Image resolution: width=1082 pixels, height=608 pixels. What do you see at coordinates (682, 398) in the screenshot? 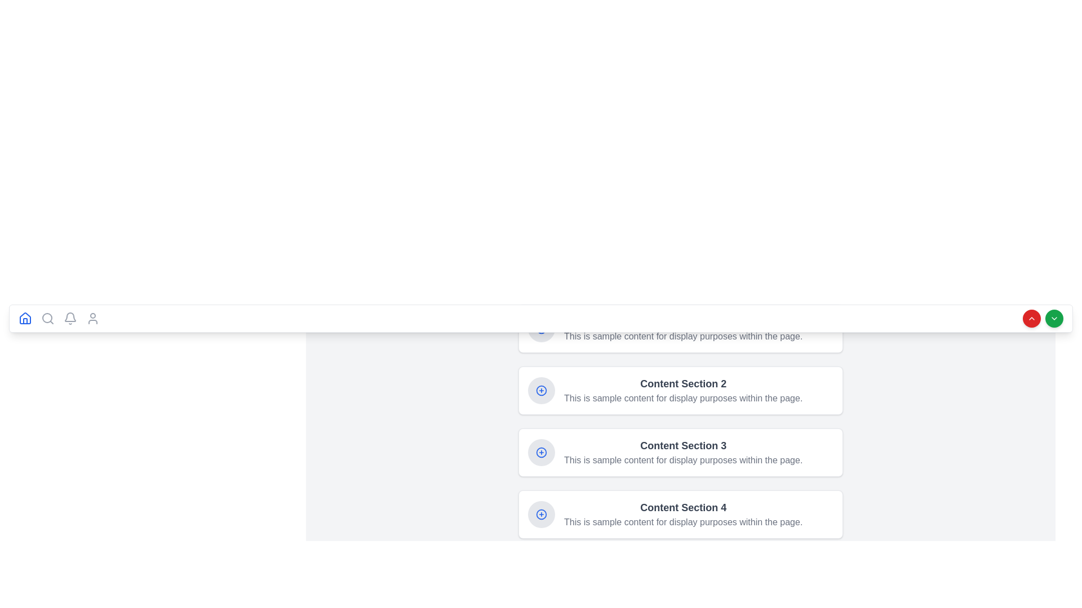
I see `the static text that provides descriptive content for 'Content Section 2', which is located immediately below the section title text in the second card-like section` at bounding box center [682, 398].